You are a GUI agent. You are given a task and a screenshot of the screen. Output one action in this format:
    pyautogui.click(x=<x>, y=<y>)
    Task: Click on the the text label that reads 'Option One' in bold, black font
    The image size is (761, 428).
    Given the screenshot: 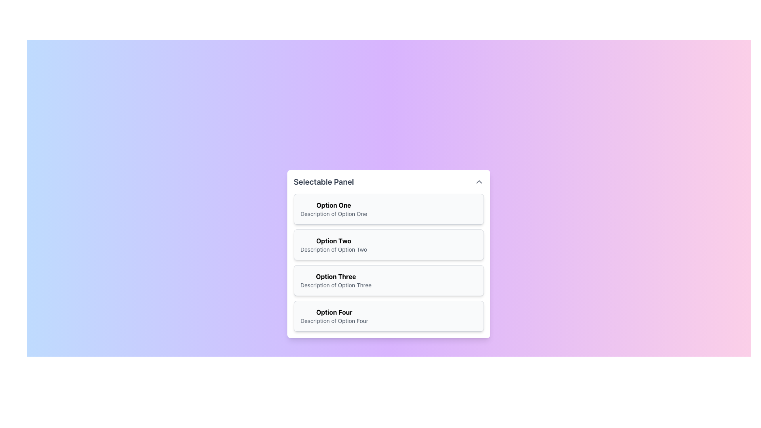 What is the action you would take?
    pyautogui.click(x=334, y=204)
    